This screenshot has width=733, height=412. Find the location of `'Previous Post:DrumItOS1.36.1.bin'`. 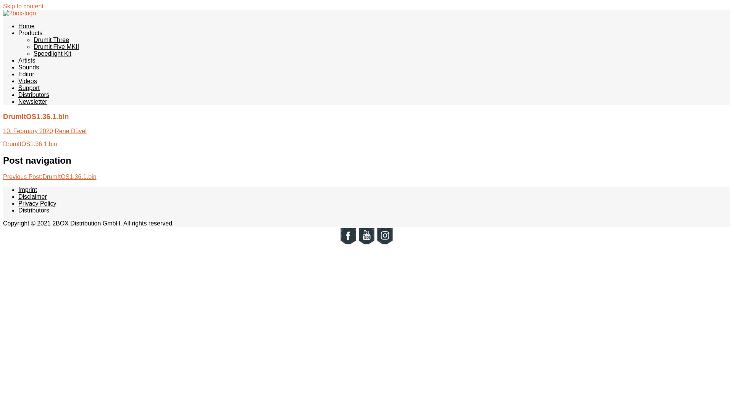

'Previous Post:DrumItOS1.36.1.bin' is located at coordinates (49, 177).